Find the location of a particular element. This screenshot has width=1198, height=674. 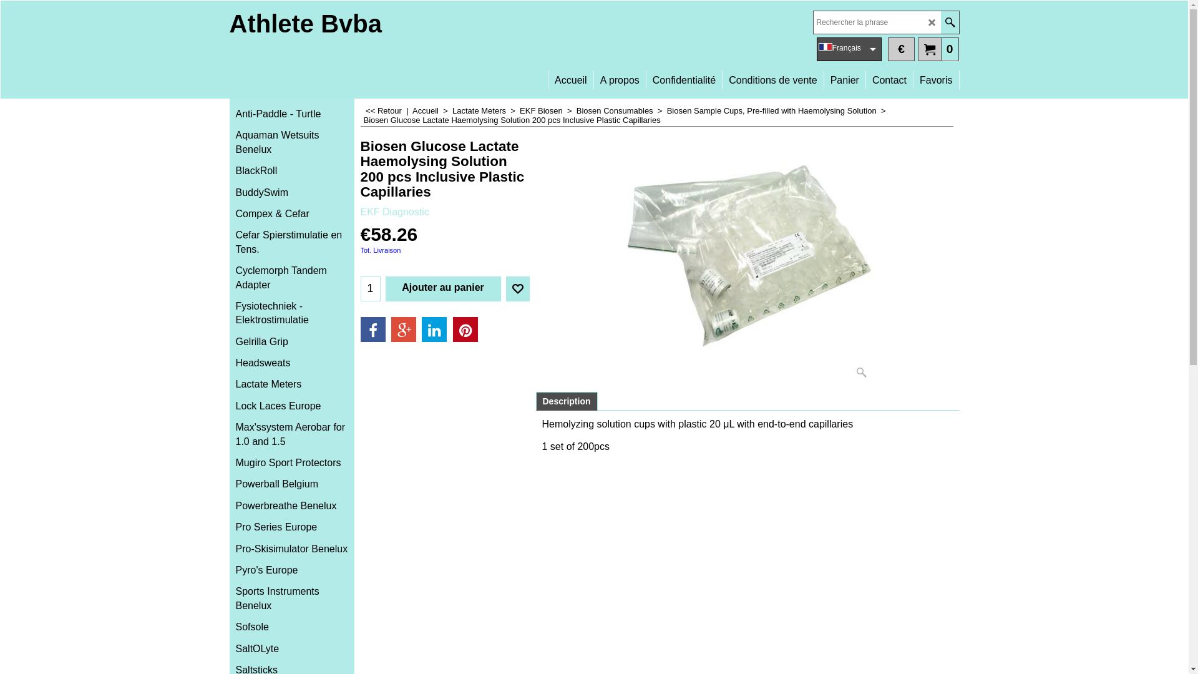

'Favoris' is located at coordinates (935, 74).